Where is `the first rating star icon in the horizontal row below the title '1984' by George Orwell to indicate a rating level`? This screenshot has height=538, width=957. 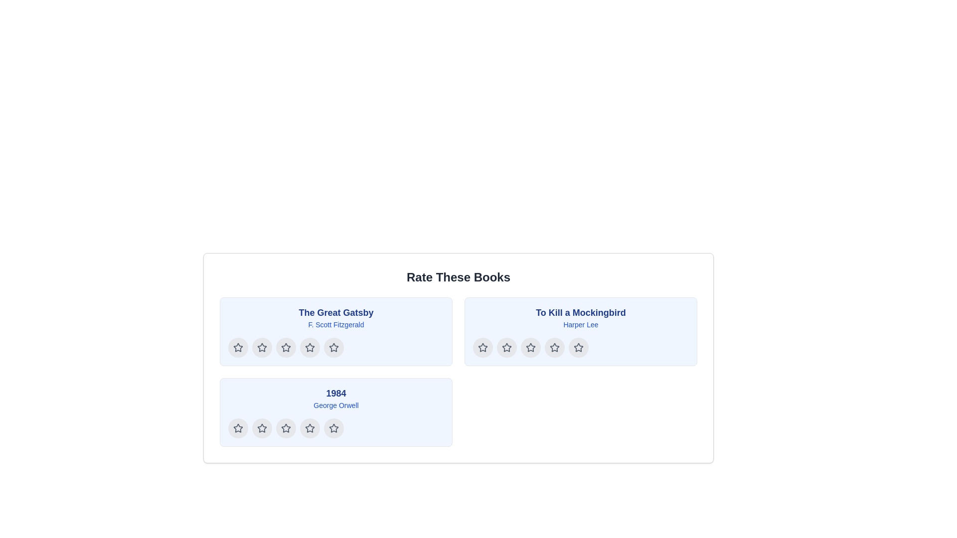
the first rating star icon in the horizontal row below the title '1984' by George Orwell to indicate a rating level is located at coordinates (262, 427).